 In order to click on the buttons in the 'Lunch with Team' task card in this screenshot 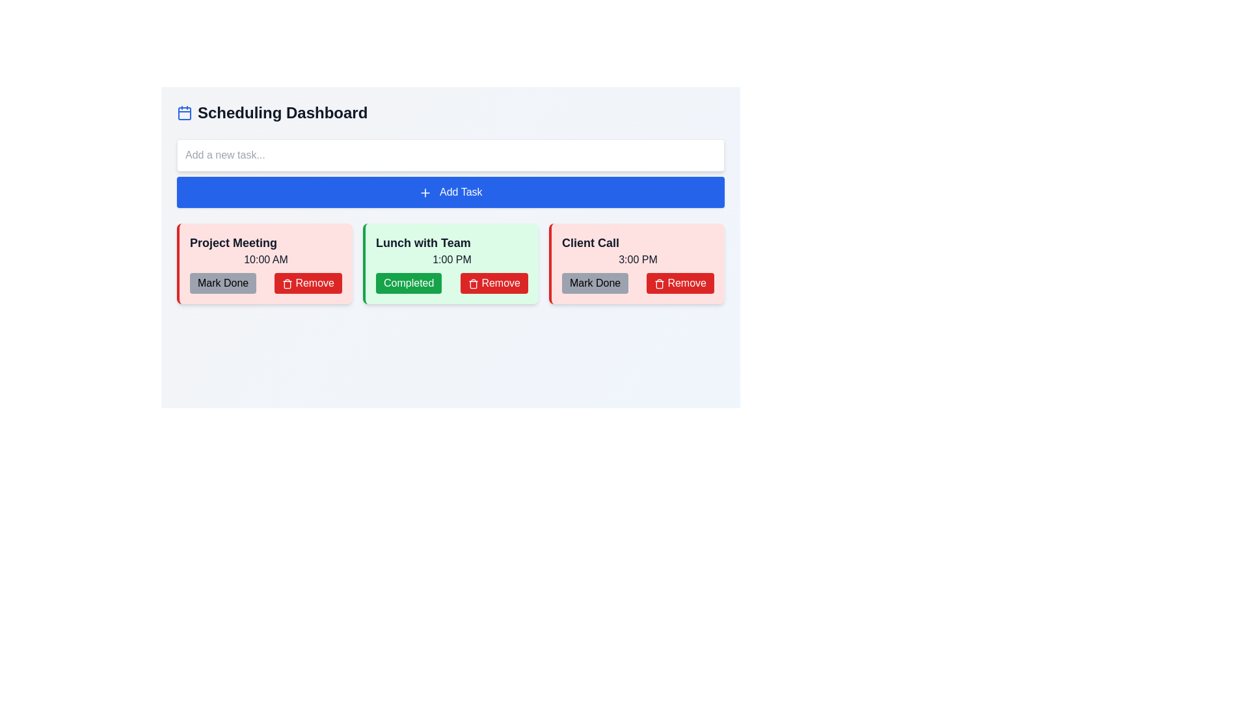, I will do `click(452, 282)`.